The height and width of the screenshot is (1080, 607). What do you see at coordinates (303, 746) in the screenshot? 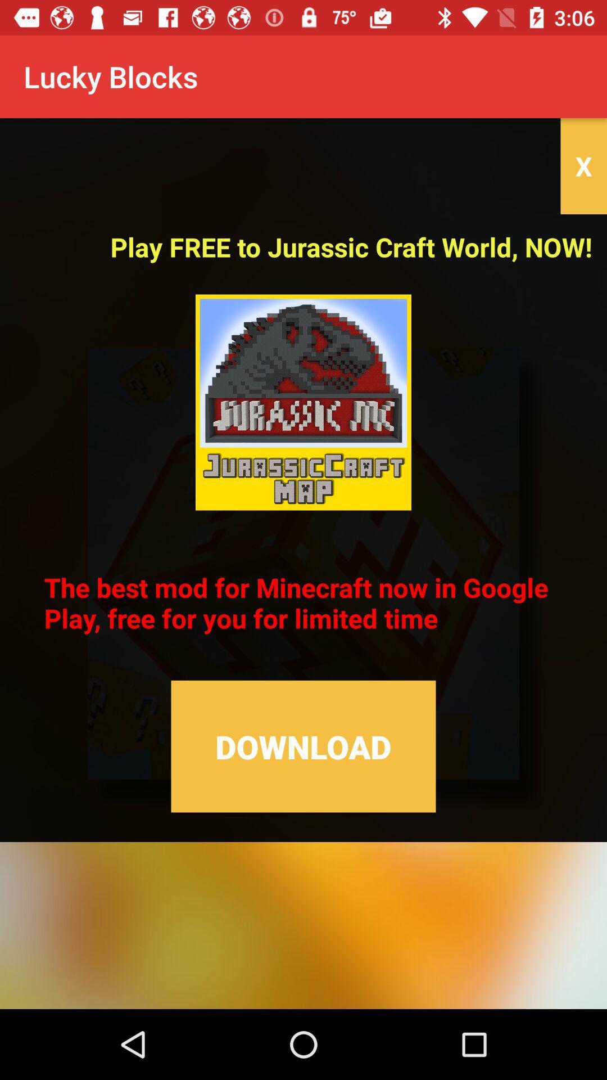
I see `the item below the the best mod icon` at bounding box center [303, 746].